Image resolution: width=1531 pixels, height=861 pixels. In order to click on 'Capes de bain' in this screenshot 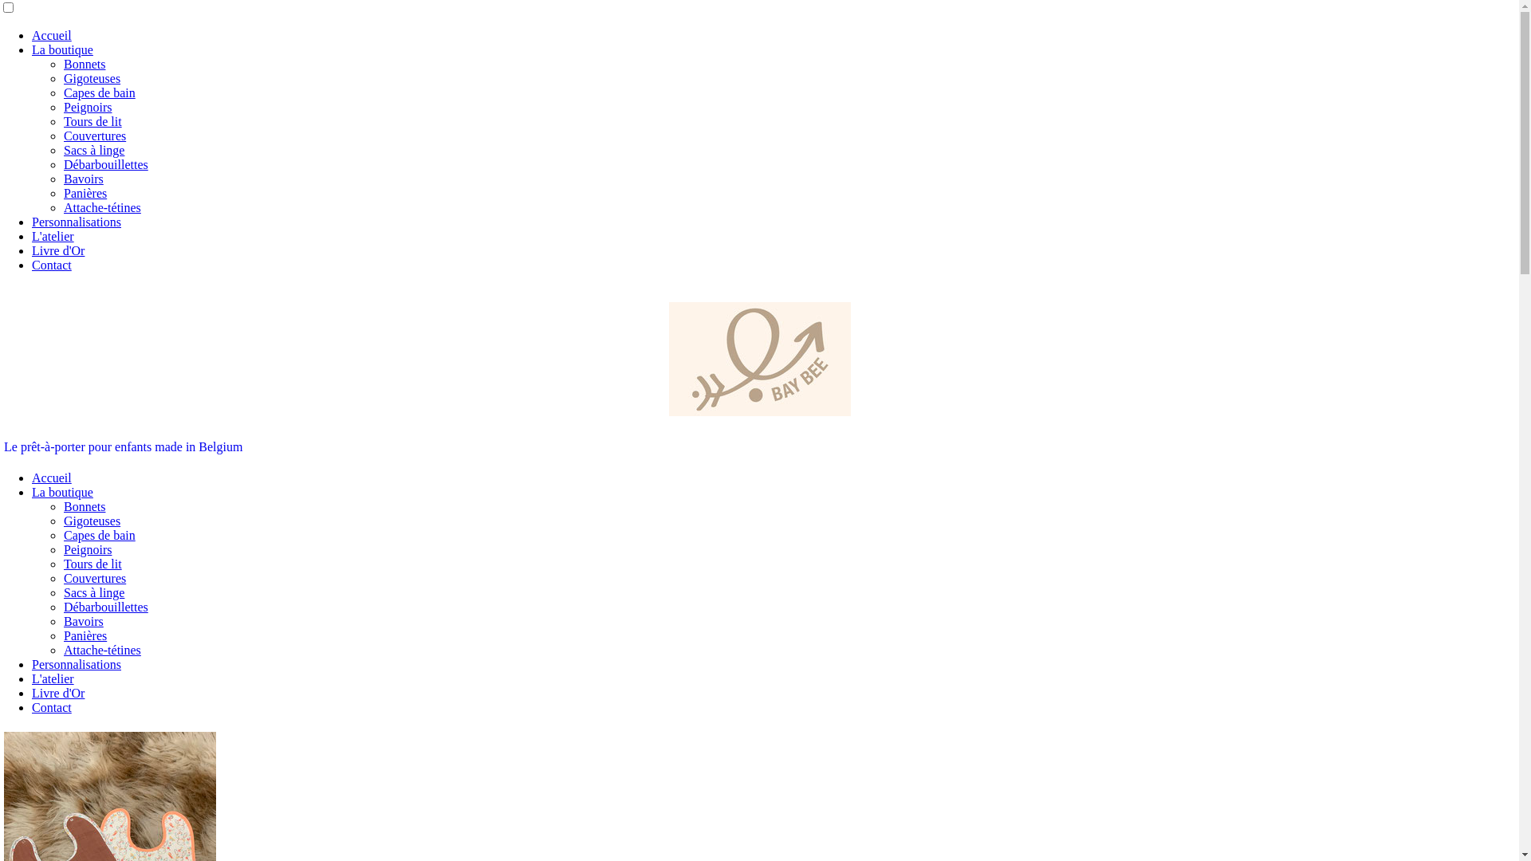, I will do `click(98, 535)`.